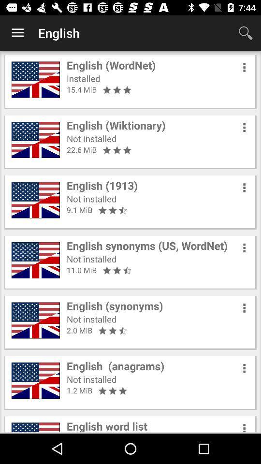 The image size is (261, 464). Describe the element at coordinates (116, 125) in the screenshot. I see `the english (wiktionary) item` at that location.